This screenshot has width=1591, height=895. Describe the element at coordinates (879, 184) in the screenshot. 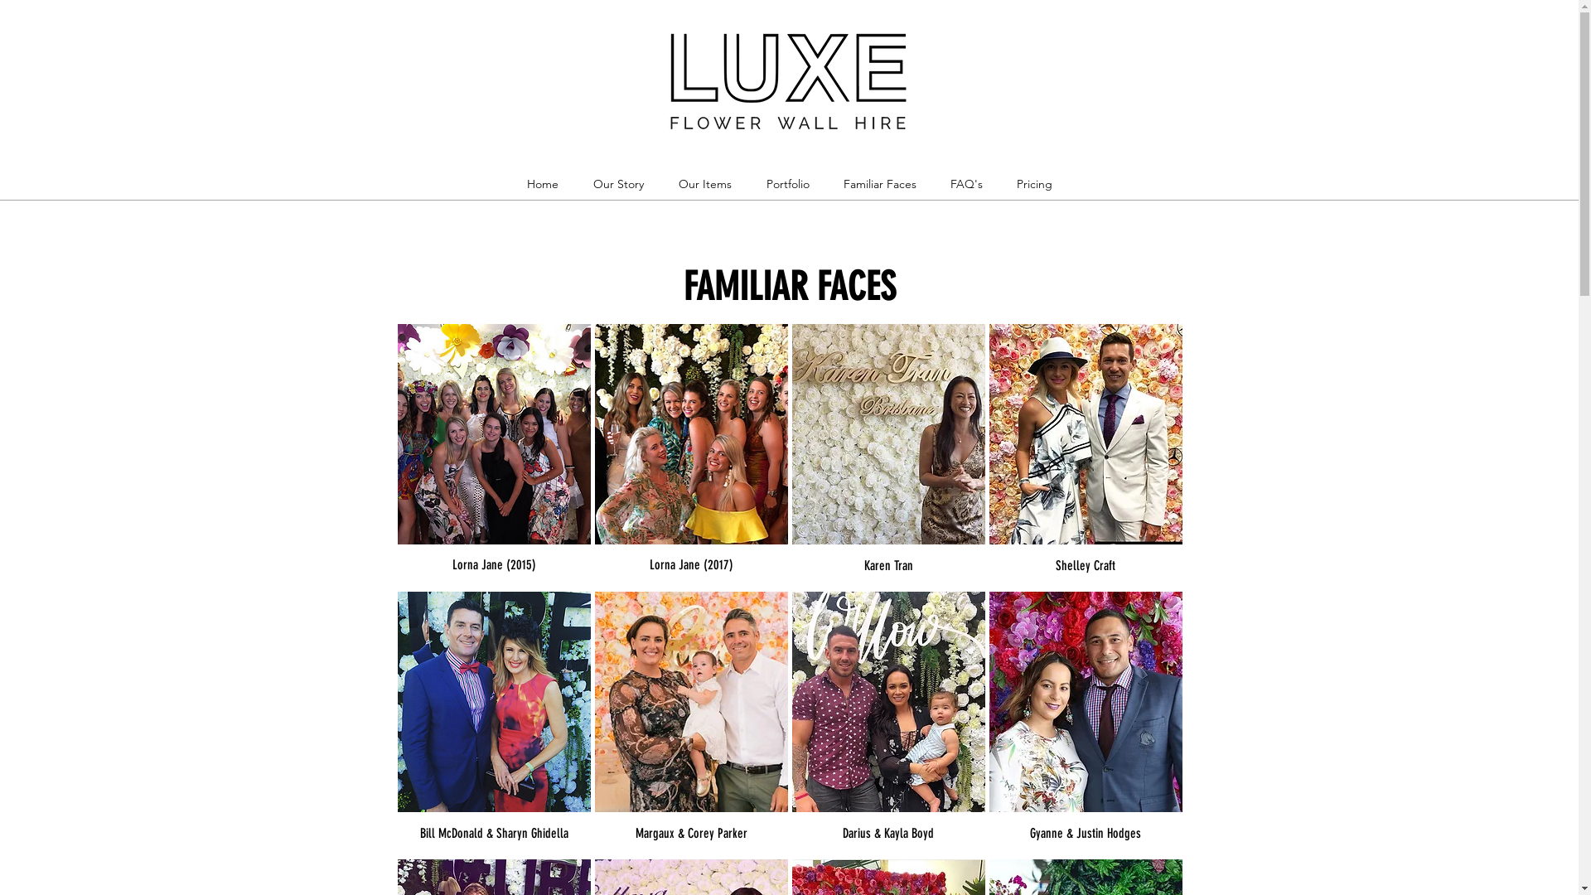

I see `'Familiar Faces'` at that location.